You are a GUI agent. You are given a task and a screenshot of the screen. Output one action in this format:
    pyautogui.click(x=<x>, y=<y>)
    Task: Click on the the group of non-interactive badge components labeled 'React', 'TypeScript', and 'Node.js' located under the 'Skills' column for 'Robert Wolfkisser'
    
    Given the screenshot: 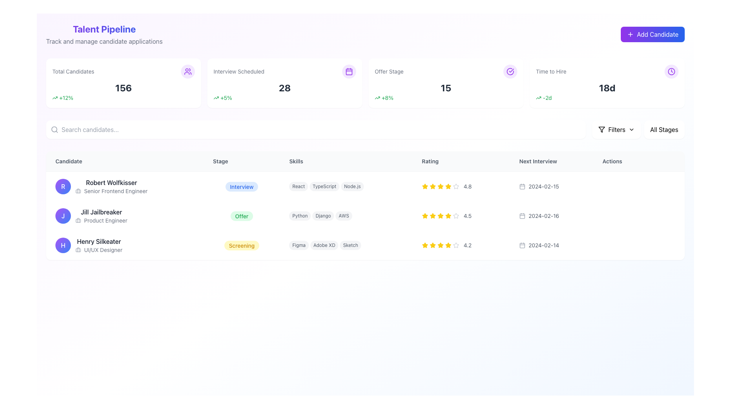 What is the action you would take?
    pyautogui.click(x=346, y=187)
    